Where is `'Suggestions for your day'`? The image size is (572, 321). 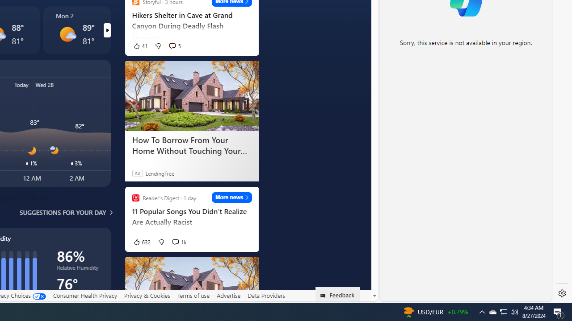
'Suggestions for your day' is located at coordinates (62, 212).